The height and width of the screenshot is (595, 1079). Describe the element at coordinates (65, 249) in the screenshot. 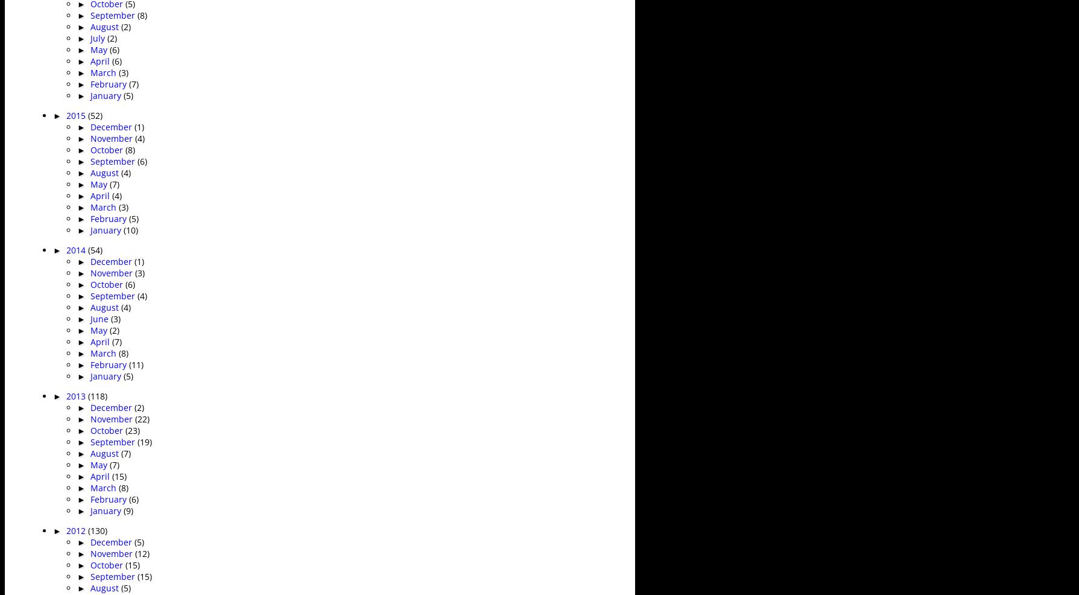

I see `'2014'` at that location.